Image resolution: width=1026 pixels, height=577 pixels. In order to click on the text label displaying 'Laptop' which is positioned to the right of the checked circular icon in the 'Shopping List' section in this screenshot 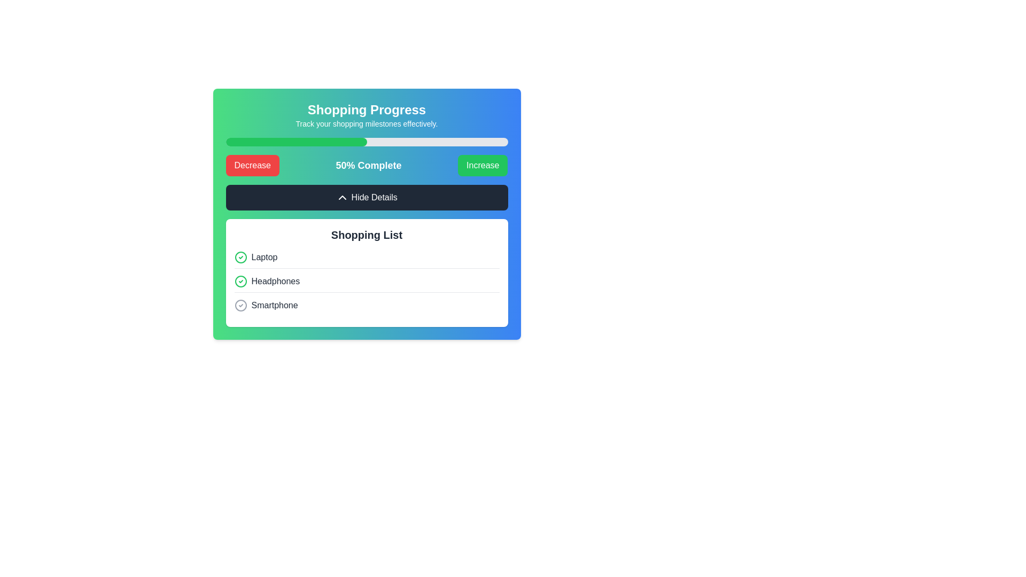, I will do `click(264, 258)`.